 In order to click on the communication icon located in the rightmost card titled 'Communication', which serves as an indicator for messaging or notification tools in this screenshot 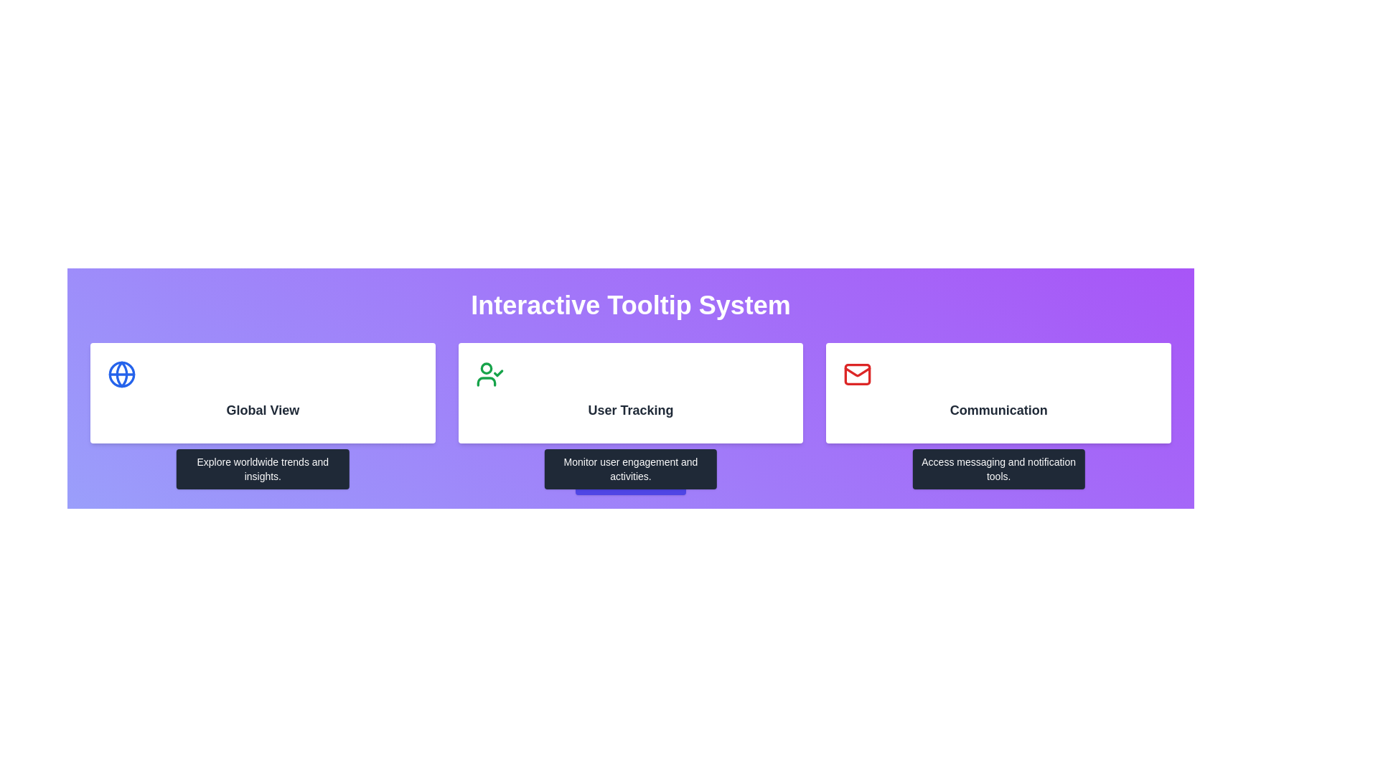, I will do `click(858, 373)`.